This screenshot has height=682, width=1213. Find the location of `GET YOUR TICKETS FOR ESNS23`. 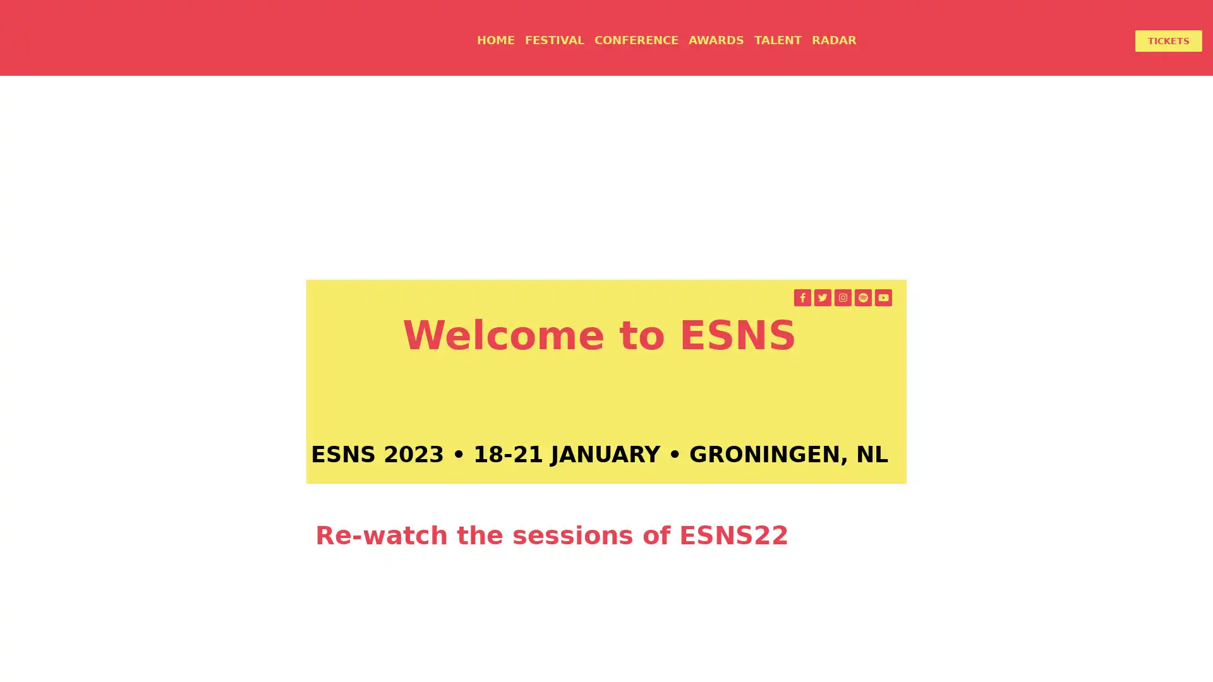

GET YOUR TICKETS FOR ESNS23 is located at coordinates (455, 396).